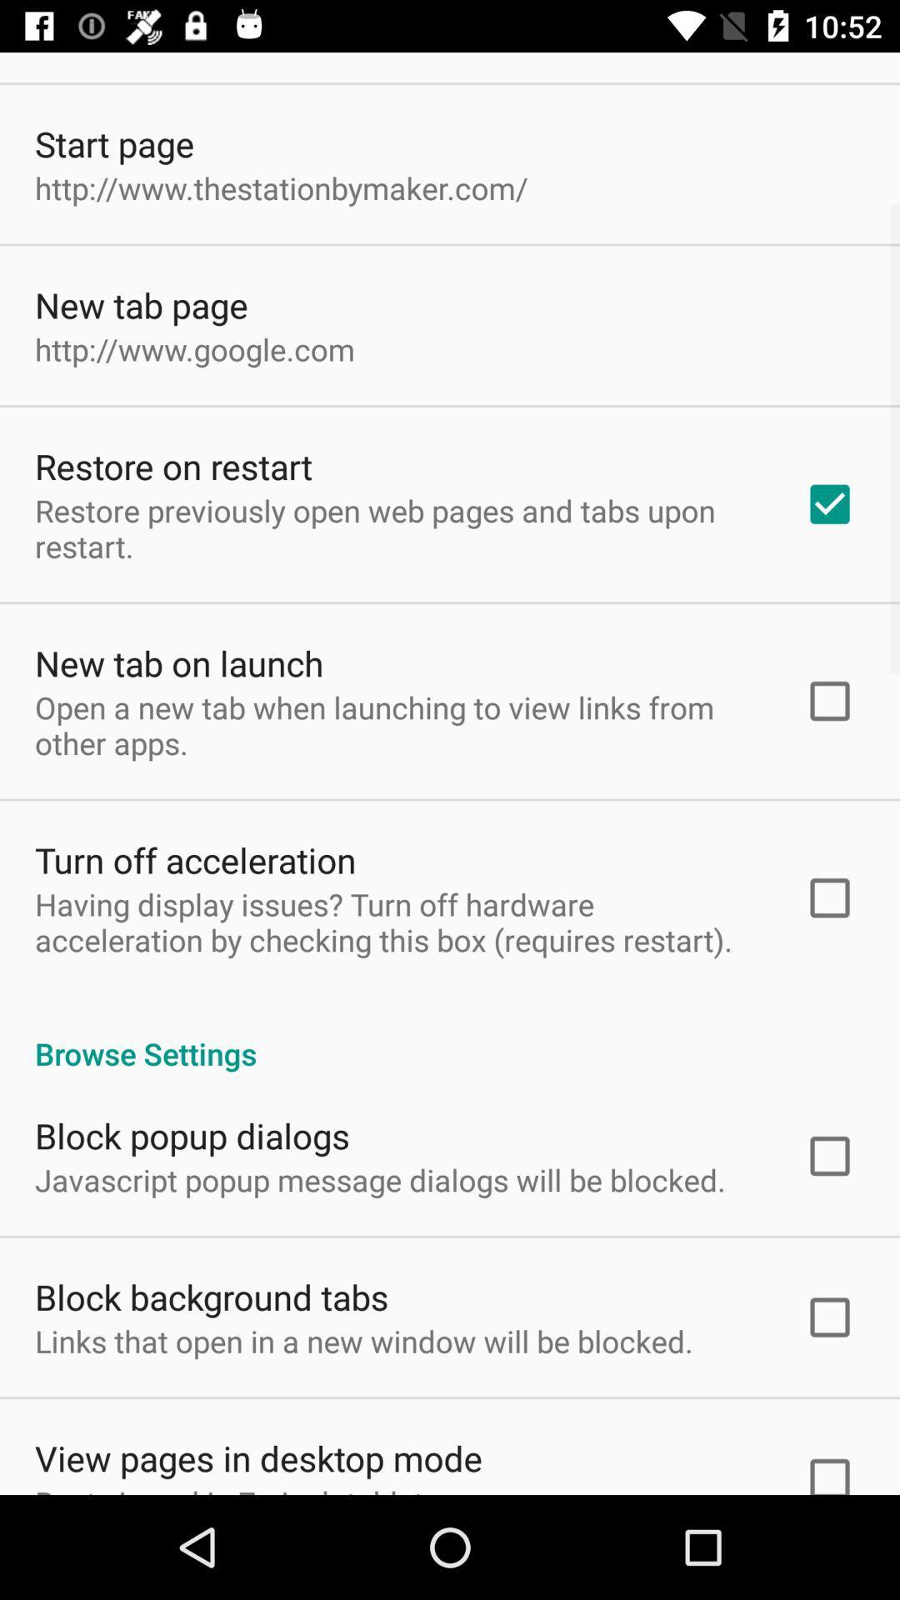  I want to click on the item below the javascript popup message, so click(211, 1296).